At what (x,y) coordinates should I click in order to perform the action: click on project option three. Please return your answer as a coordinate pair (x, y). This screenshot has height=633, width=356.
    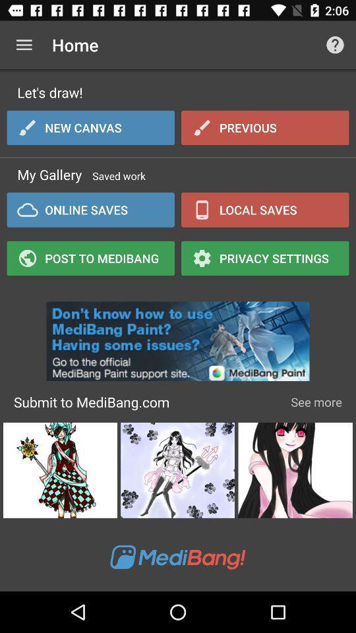
    Looking at the image, I should click on (295, 470).